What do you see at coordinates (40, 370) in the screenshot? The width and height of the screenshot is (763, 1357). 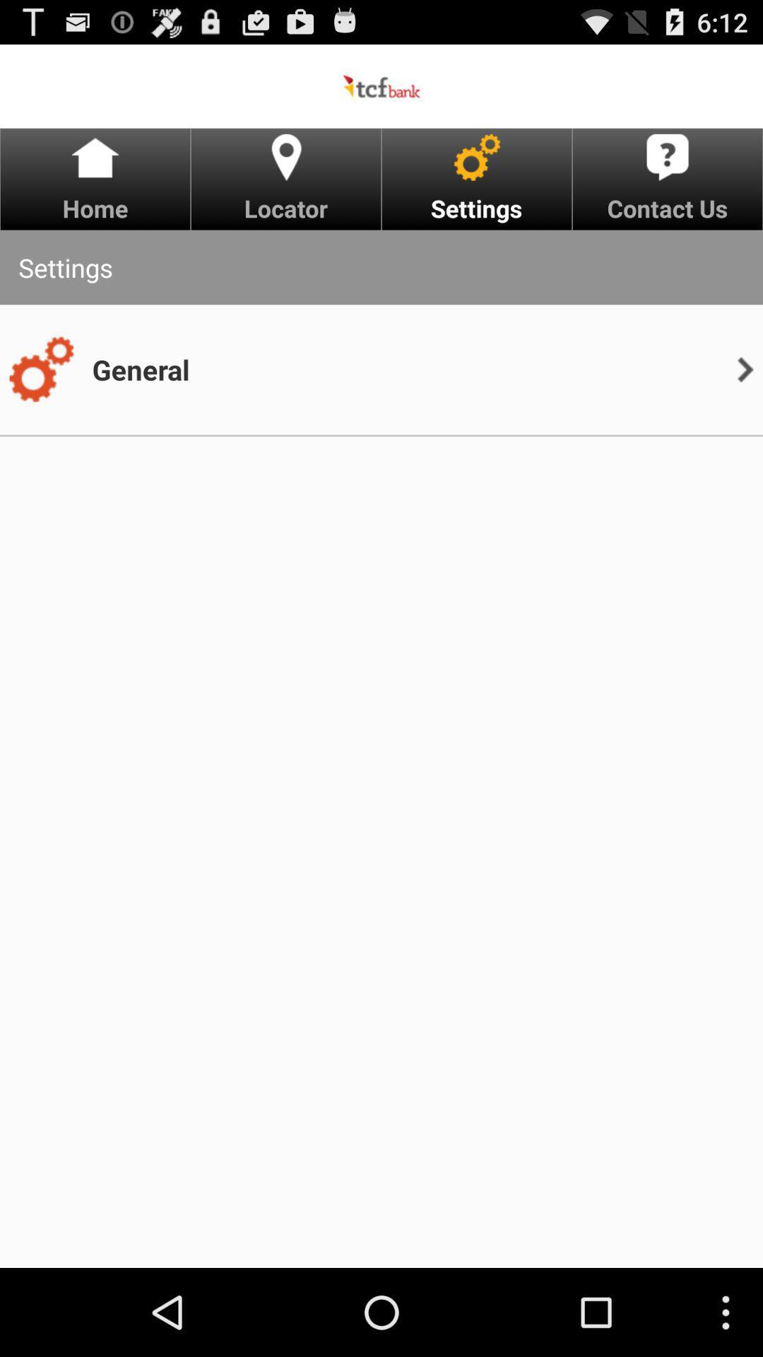 I see `item to the left of the general item` at bounding box center [40, 370].